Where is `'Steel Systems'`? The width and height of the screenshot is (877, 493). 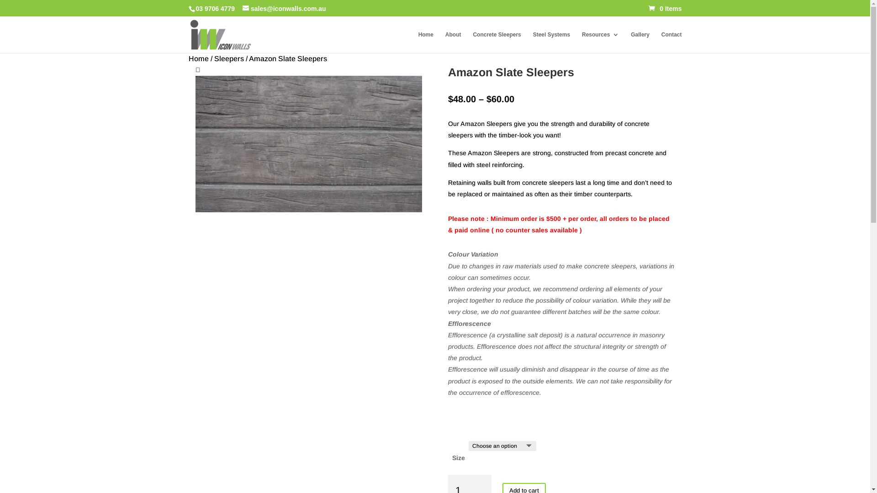 'Steel Systems' is located at coordinates (551, 42).